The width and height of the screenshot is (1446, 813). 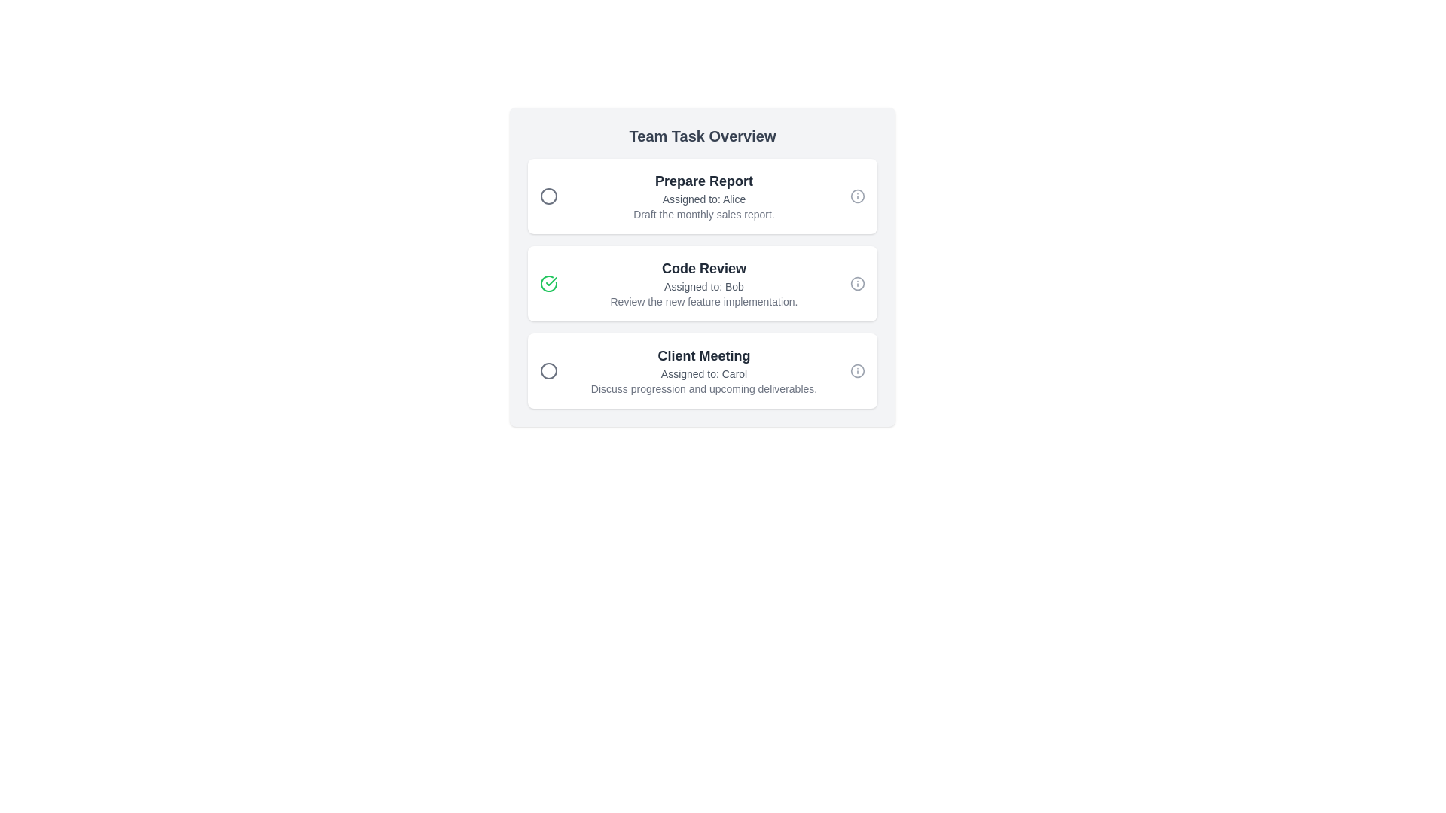 What do you see at coordinates (548, 196) in the screenshot?
I see `the icon associated with the task 'Prepare Report', located in the left section of the first list item near its left edge` at bounding box center [548, 196].